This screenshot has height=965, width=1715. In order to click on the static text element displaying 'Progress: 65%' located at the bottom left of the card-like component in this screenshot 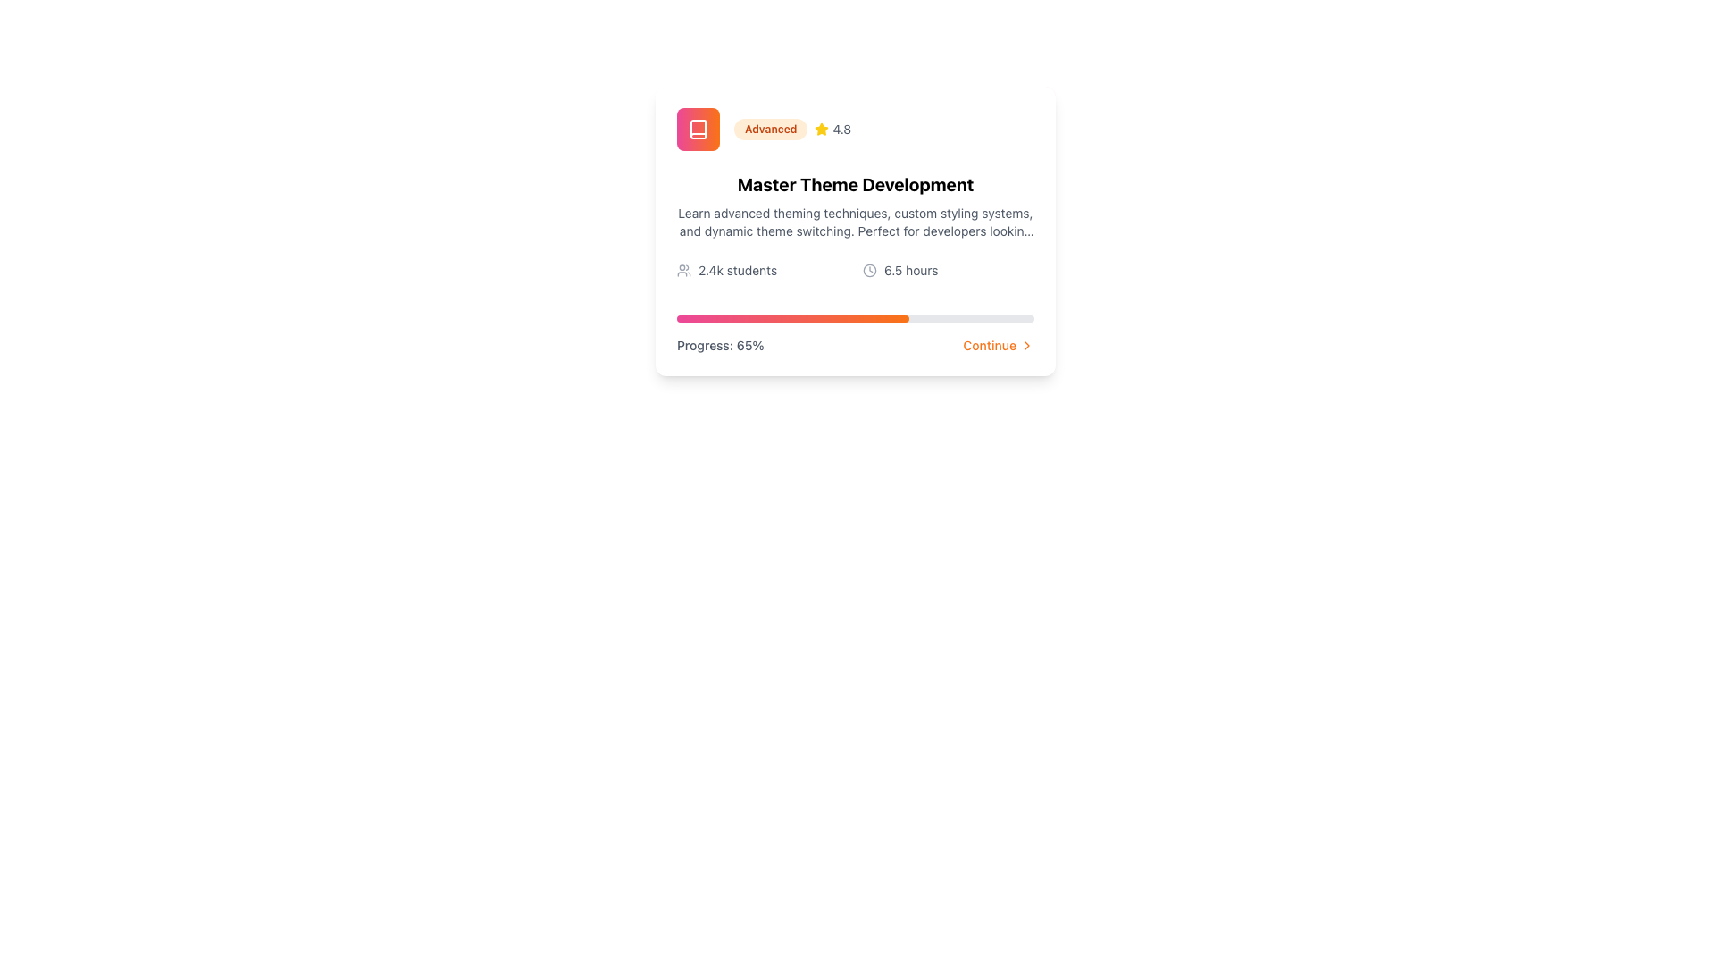, I will do `click(720, 345)`.